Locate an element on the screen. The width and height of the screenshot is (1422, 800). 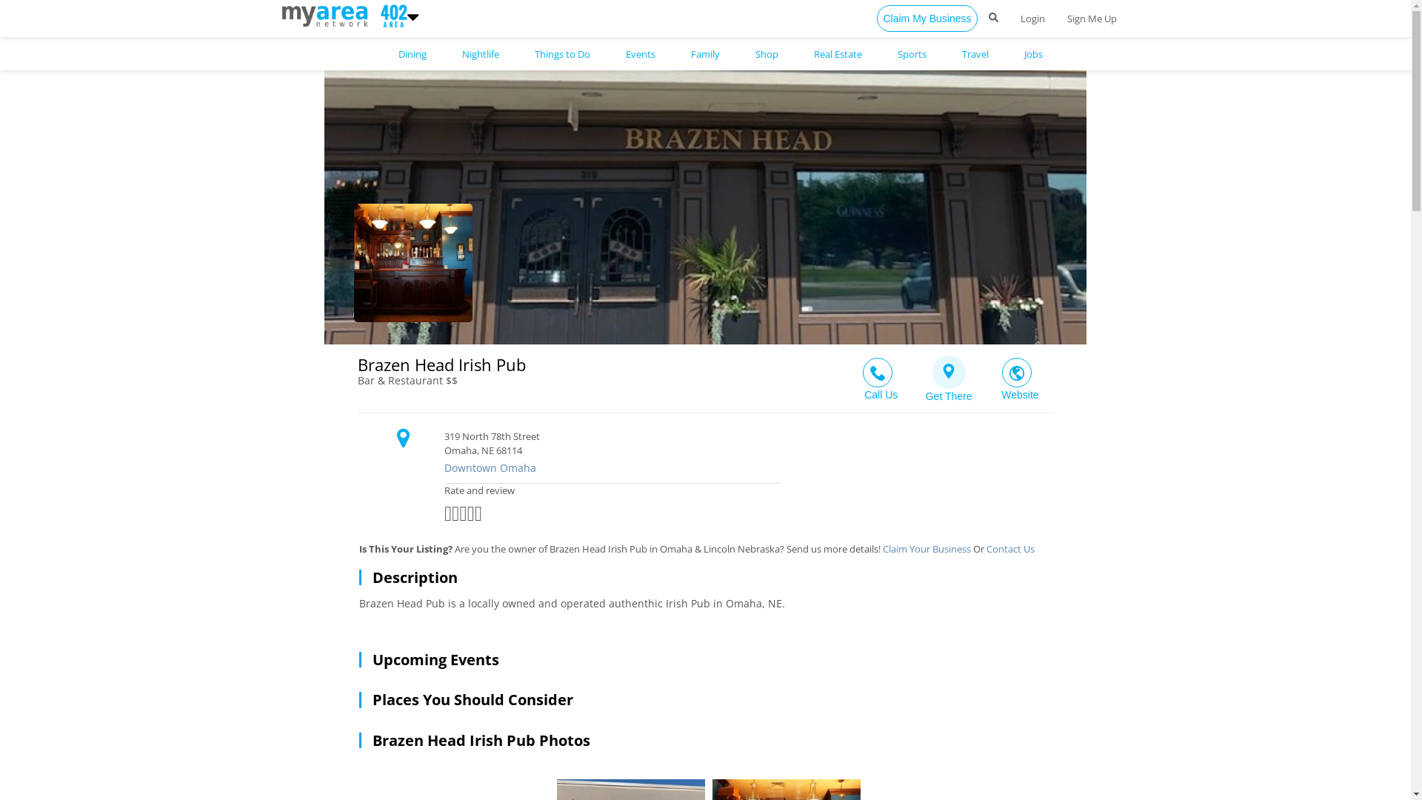
'Sign Me Up' is located at coordinates (1092, 18).